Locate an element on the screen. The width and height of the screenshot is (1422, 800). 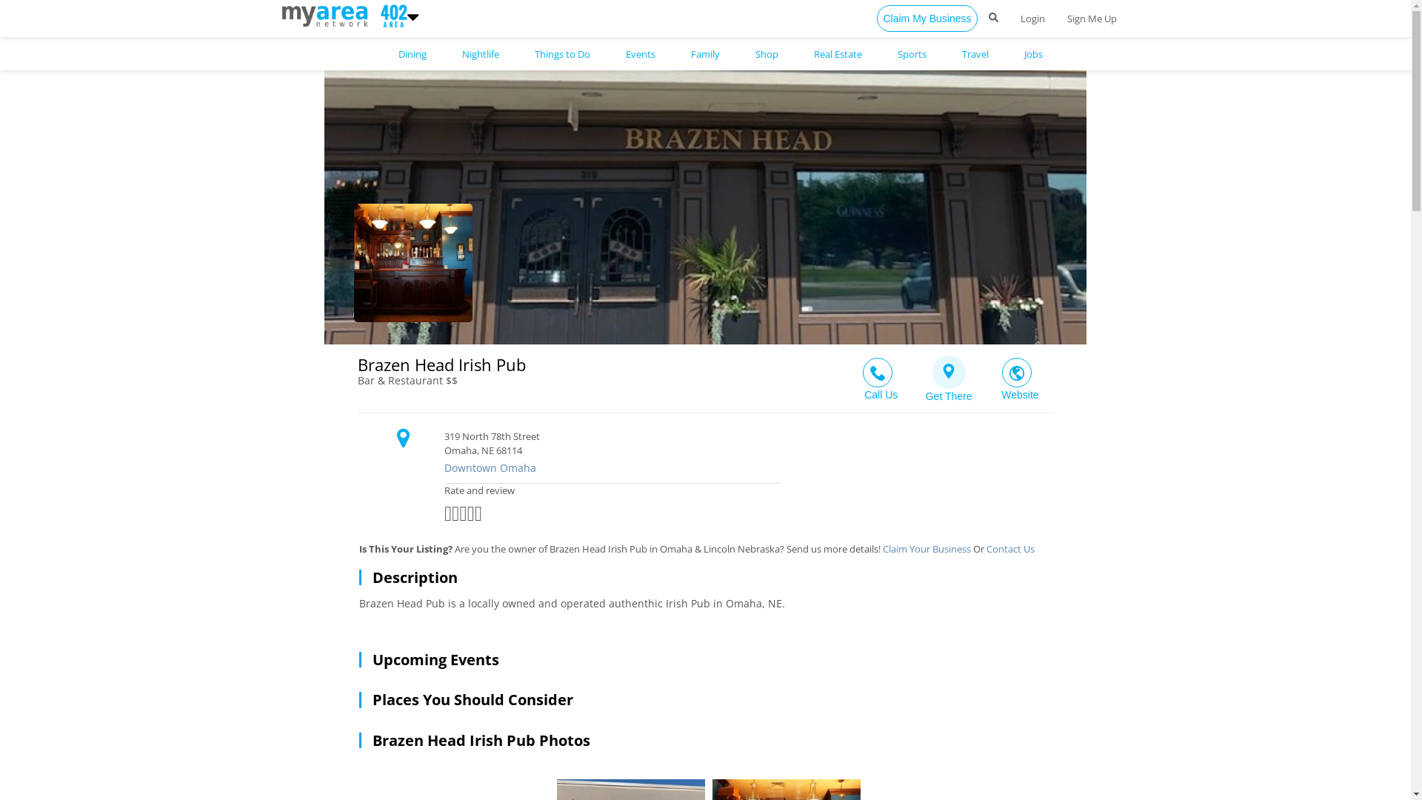
'Sign Me Up' is located at coordinates (1092, 18).